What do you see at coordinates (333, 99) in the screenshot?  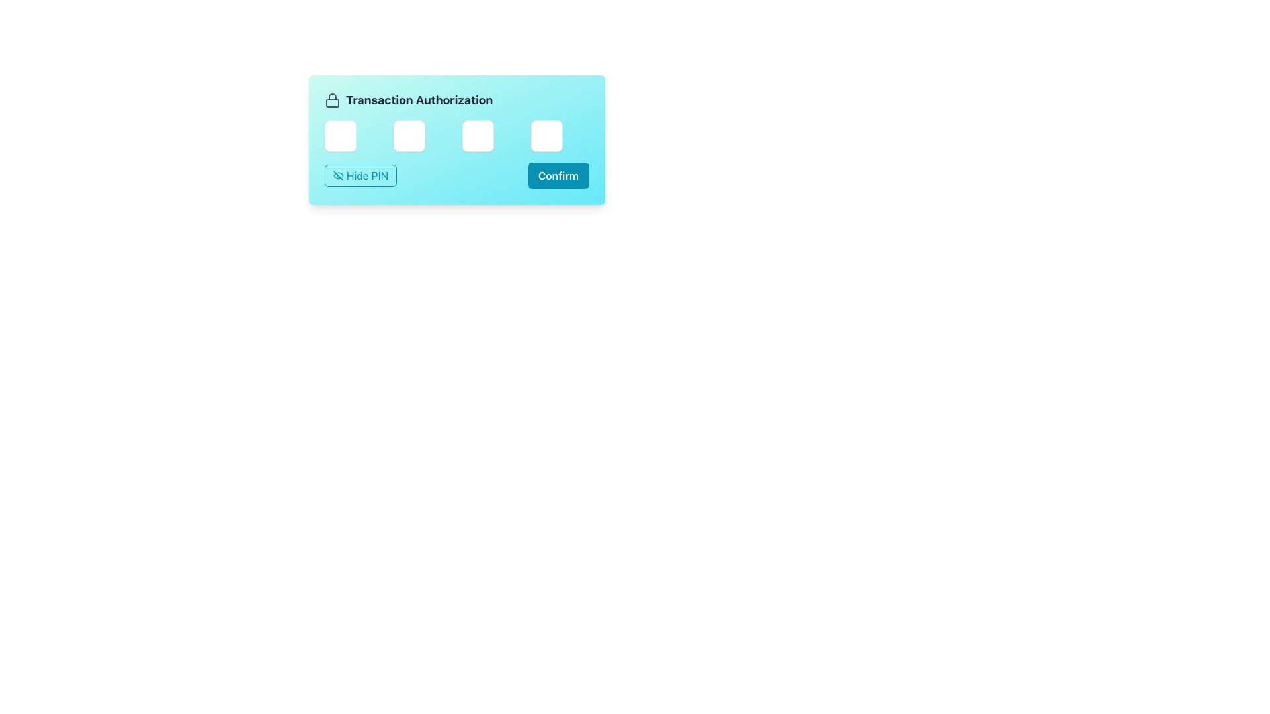 I see `the gray lock icon that is positioned to the left of the 'Transaction Authorization' text` at bounding box center [333, 99].